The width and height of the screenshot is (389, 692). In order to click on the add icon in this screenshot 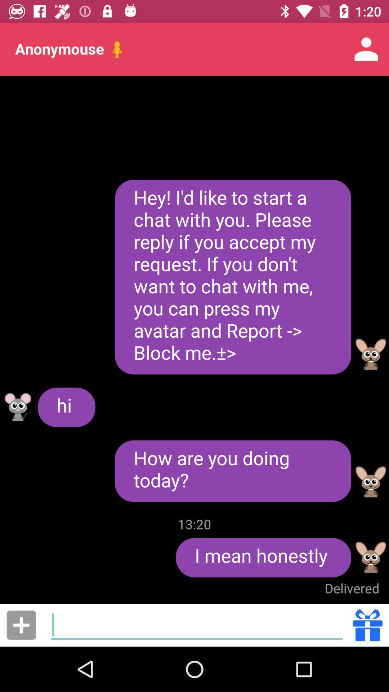, I will do `click(21, 625)`.